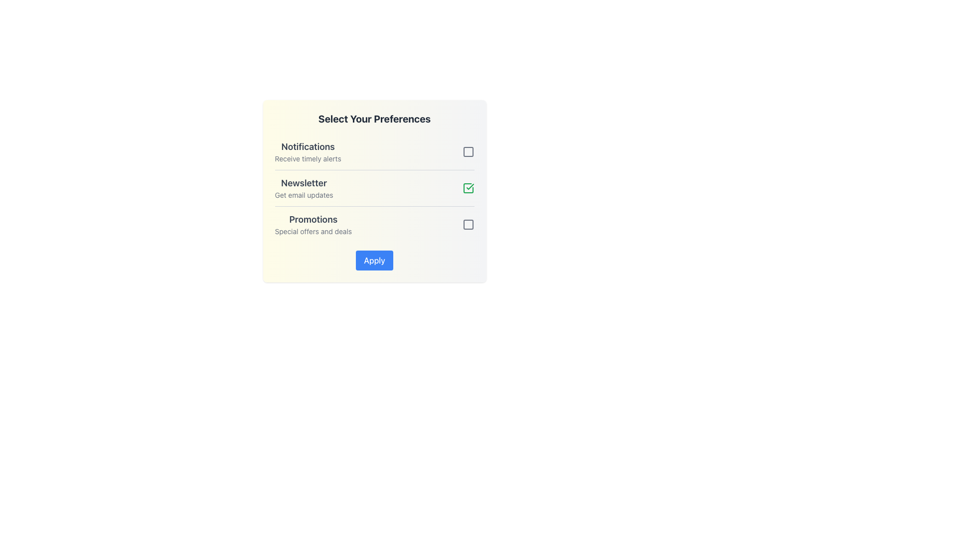 This screenshot has width=957, height=538. I want to click on the 'Notifications' checkbox, so click(468, 151).